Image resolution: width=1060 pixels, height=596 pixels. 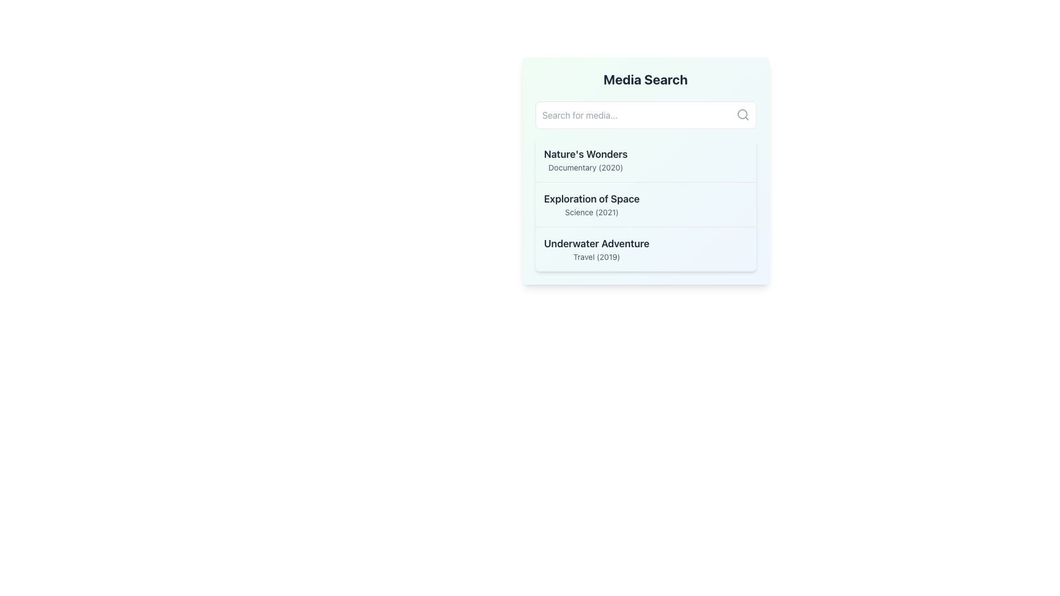 What do you see at coordinates (645, 159) in the screenshot?
I see `the first list item titled 'Nature's Wonders' in the Media Search section` at bounding box center [645, 159].